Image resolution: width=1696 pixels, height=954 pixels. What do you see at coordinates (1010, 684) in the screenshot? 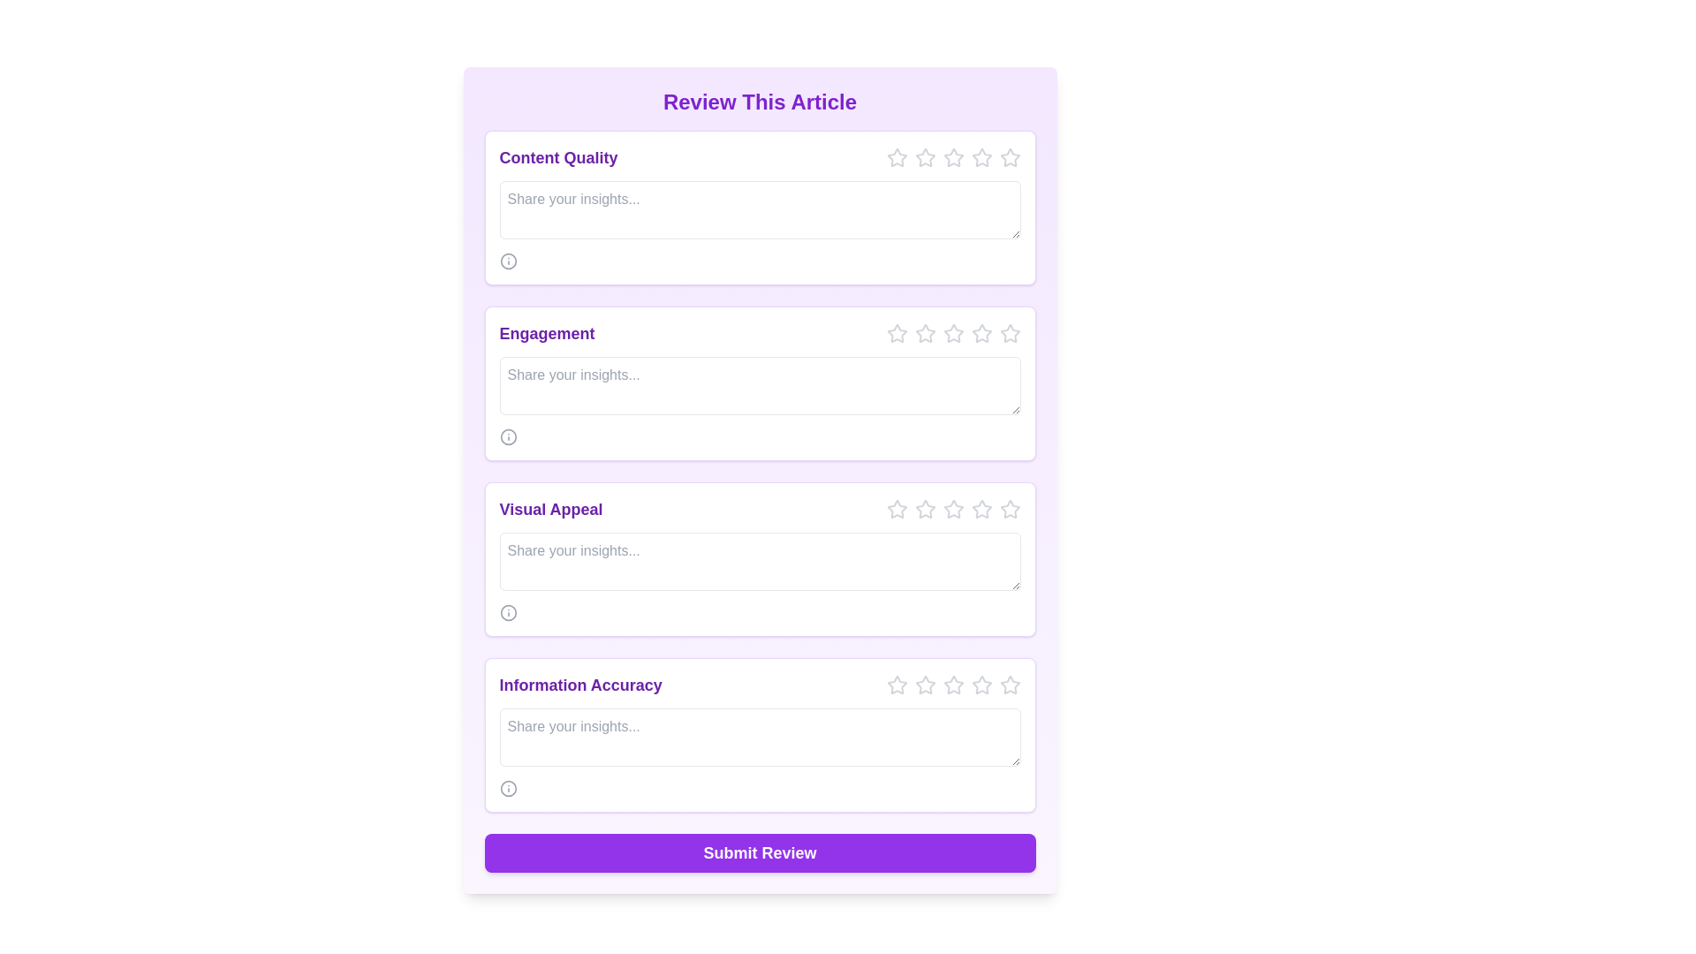
I see `the fifth star icon in the 'Information Accuracy' section to assign a rating` at bounding box center [1010, 684].